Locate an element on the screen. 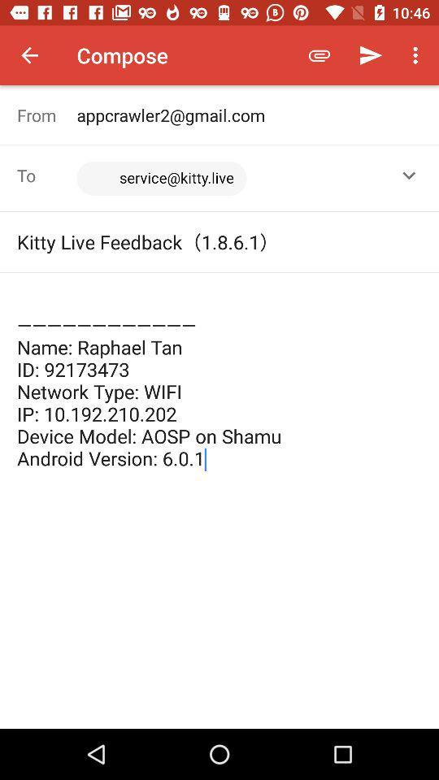  icon above appcrawler2@gmail.com is located at coordinates (319, 55).